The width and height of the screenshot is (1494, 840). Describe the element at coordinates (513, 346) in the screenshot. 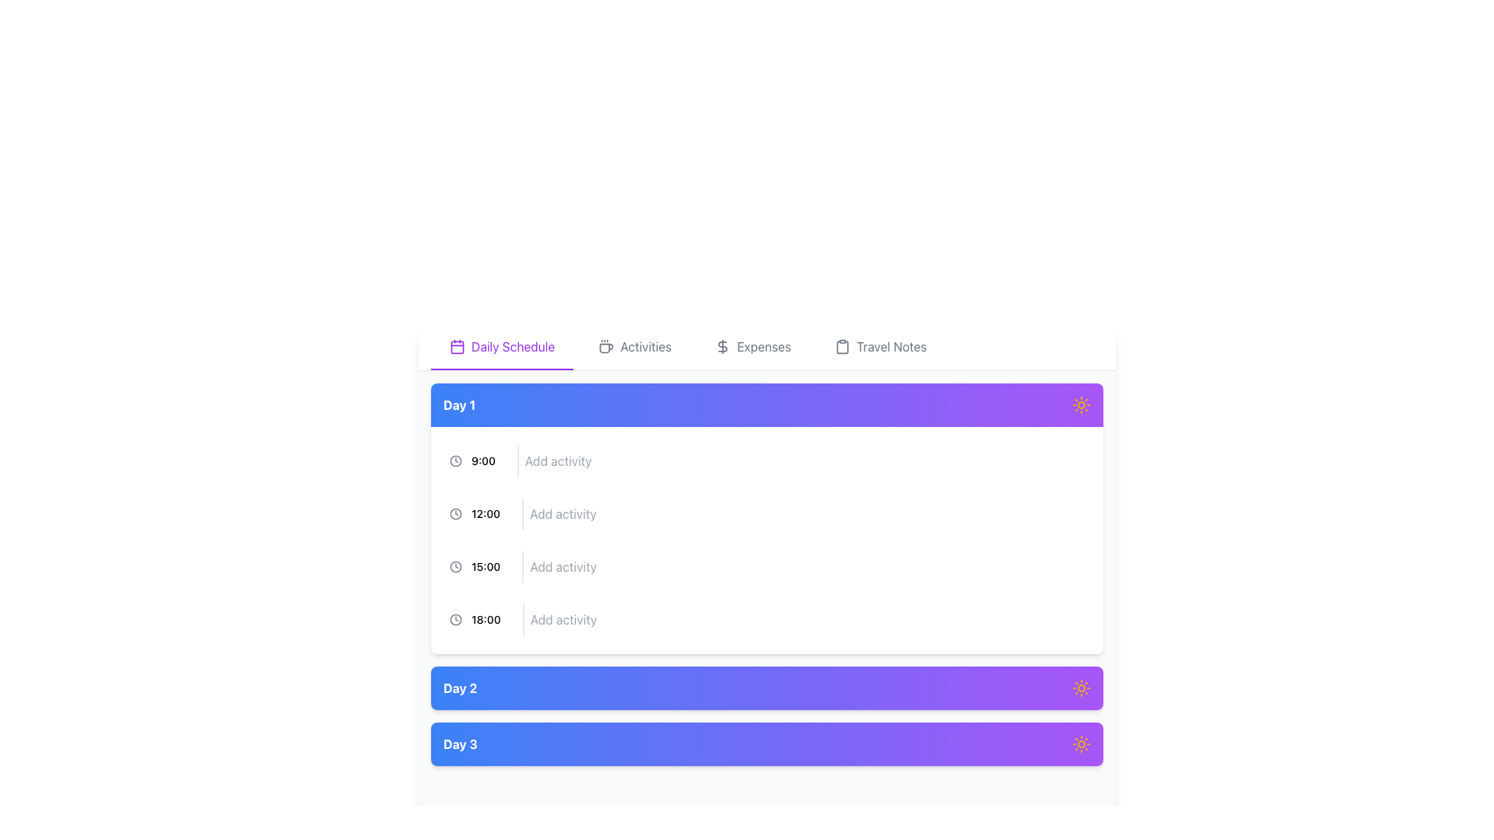

I see `the 'Daily Schedule' text label in the navigation menu` at that location.